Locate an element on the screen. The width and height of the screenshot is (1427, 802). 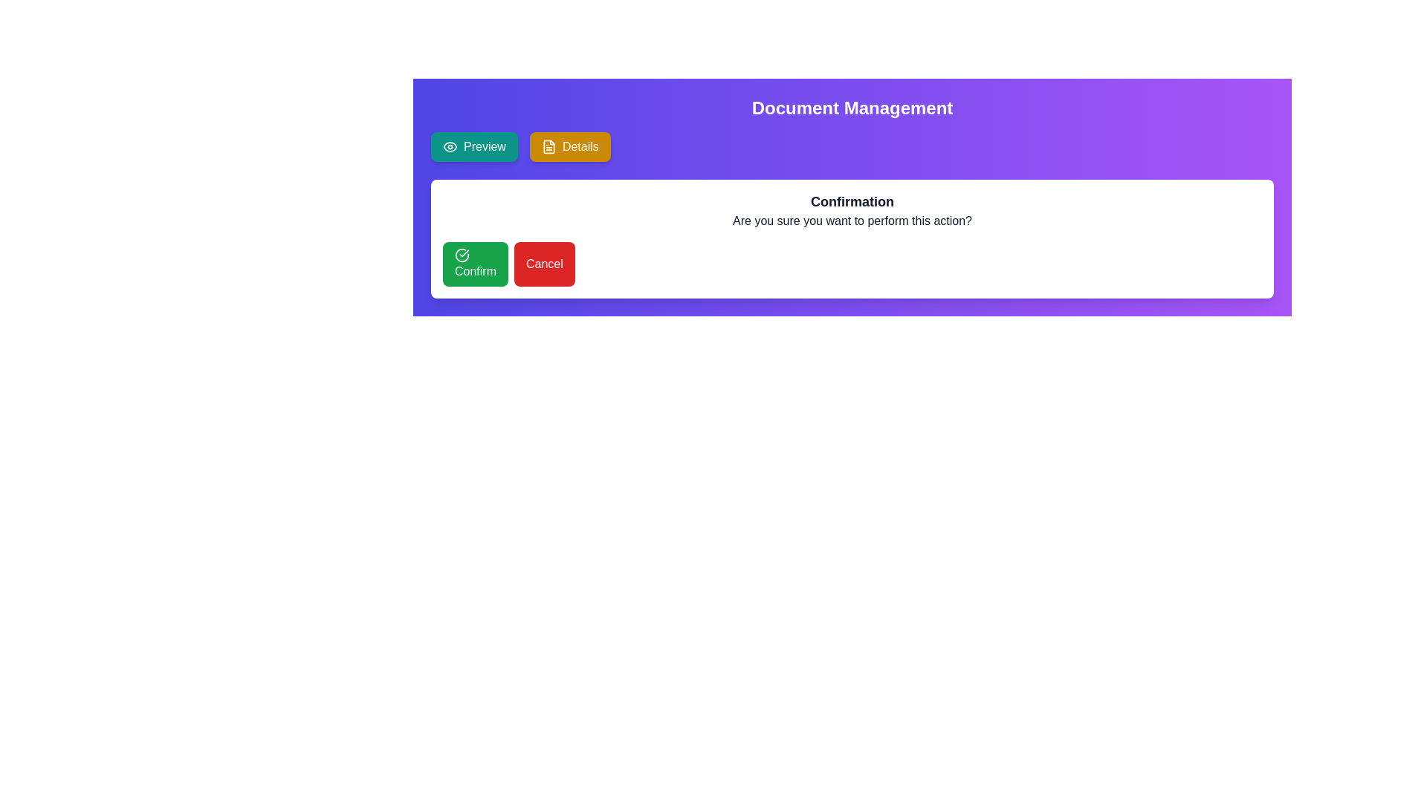
the green circular icon with a check mark inside the 'Confirm' button located in the bottom left section of the interface is located at coordinates (462, 254).